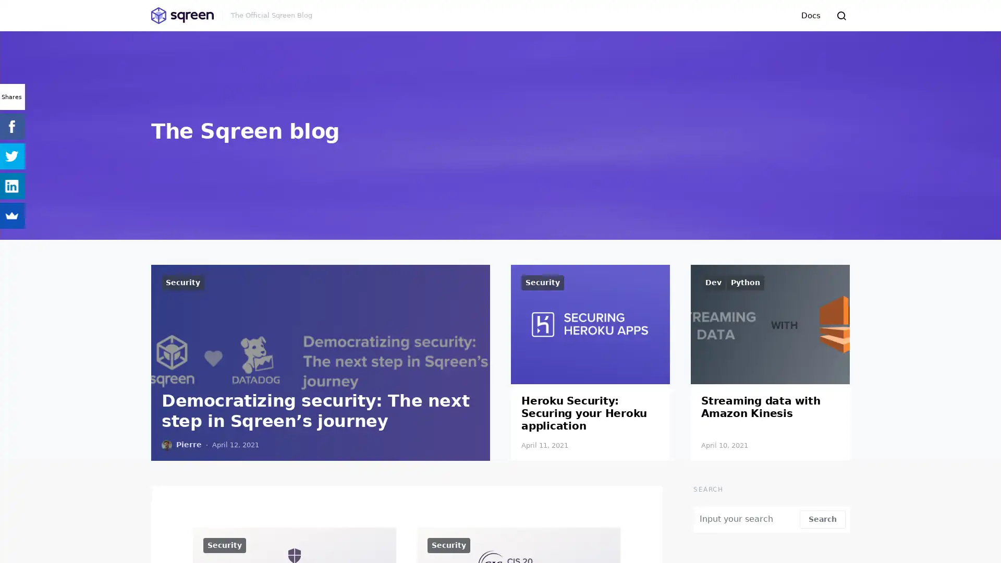 This screenshot has height=563, width=1001. I want to click on Search, so click(822, 519).